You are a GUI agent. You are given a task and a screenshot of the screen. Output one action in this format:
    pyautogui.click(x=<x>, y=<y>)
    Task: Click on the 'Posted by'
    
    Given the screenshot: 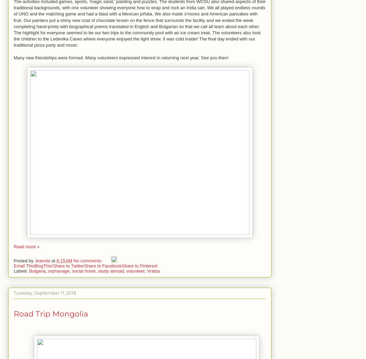 What is the action you would take?
    pyautogui.click(x=24, y=260)
    